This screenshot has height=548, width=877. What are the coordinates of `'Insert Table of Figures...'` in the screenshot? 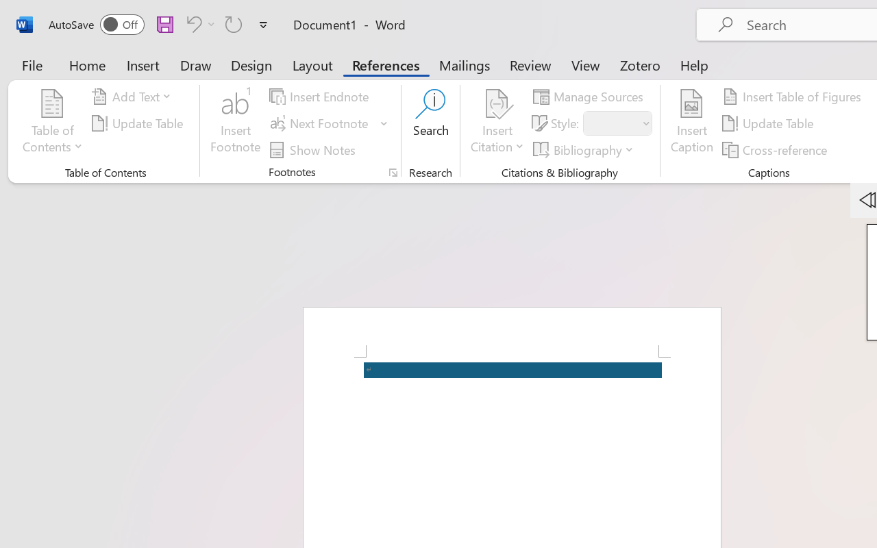 It's located at (794, 97).